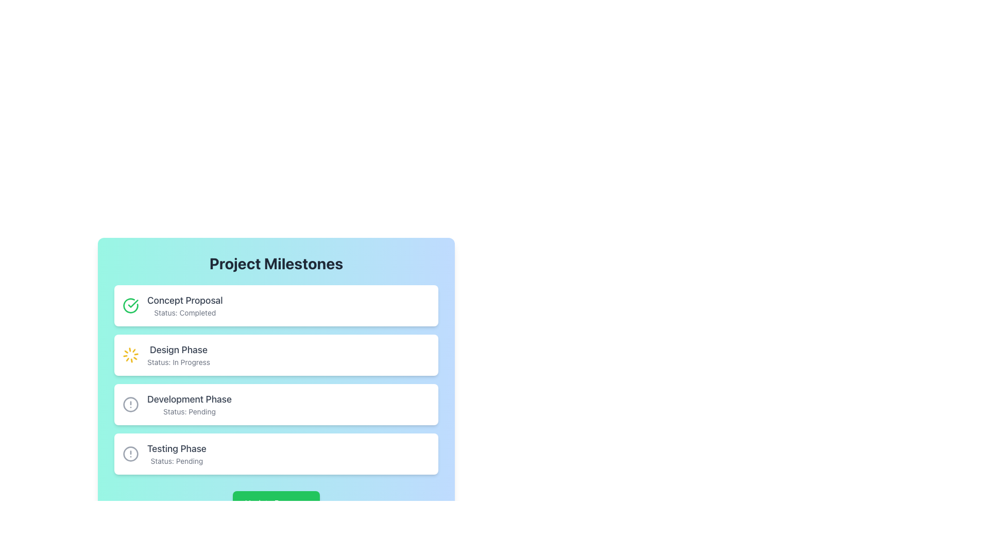 This screenshot has width=989, height=556. What do you see at coordinates (130, 305) in the screenshot?
I see `the status indicator icon for the 'Concept Proposal' milestone, which is located to the left of the text 'Concept Proposal' and 'Status: Completed'` at bounding box center [130, 305].